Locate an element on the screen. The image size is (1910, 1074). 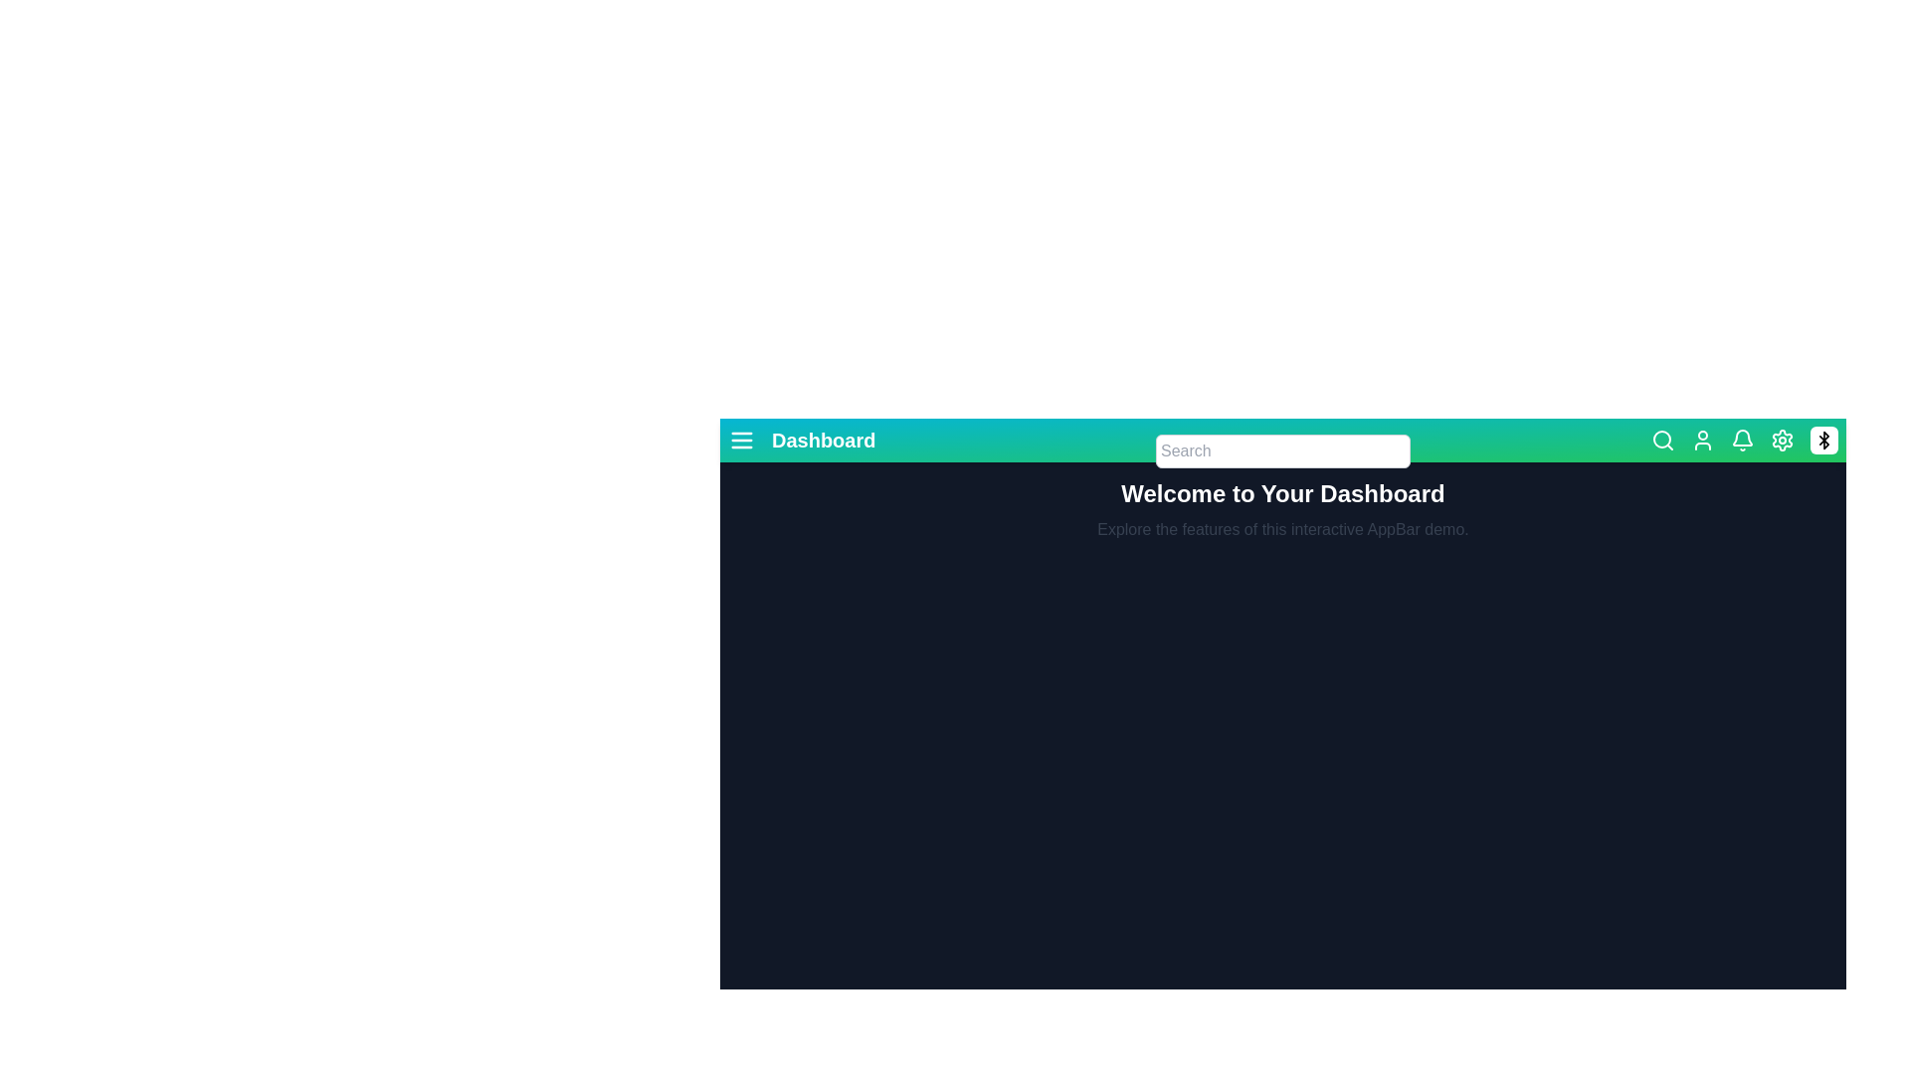
the search icon to toggle the visibility of the search bar is located at coordinates (1662, 440).